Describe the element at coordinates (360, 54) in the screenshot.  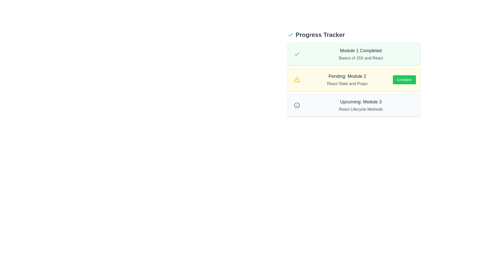
I see `the Text Block displaying the name and status of a completed module in the Progress Tracker interface, located under the checkmark icon` at that location.